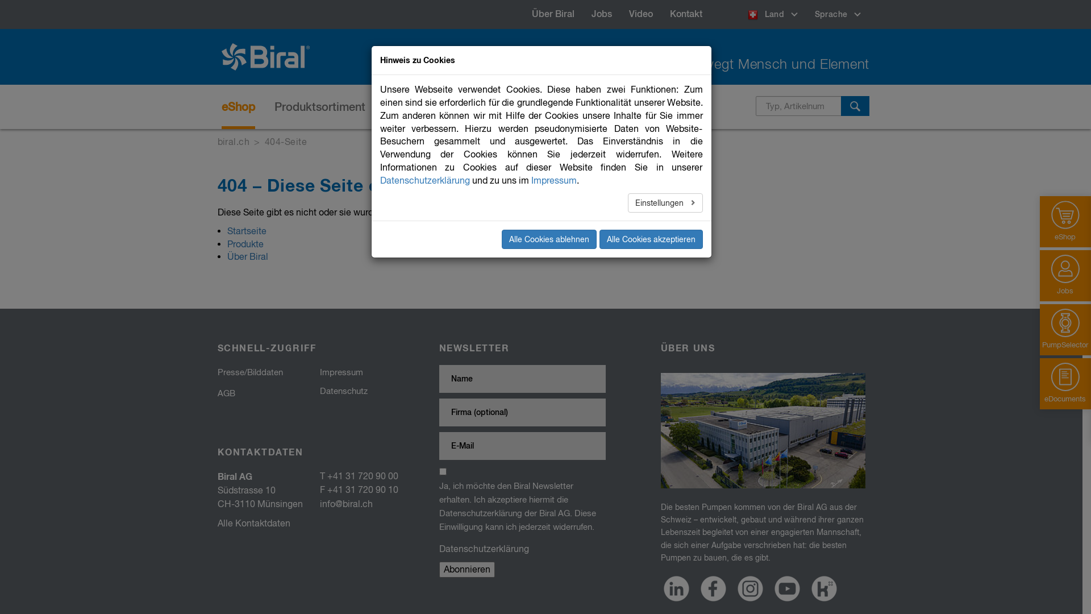  I want to click on 'Impressum', so click(340, 372).